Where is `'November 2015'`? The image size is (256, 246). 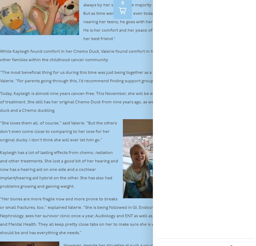
'November 2015' is located at coordinates (192, 61).